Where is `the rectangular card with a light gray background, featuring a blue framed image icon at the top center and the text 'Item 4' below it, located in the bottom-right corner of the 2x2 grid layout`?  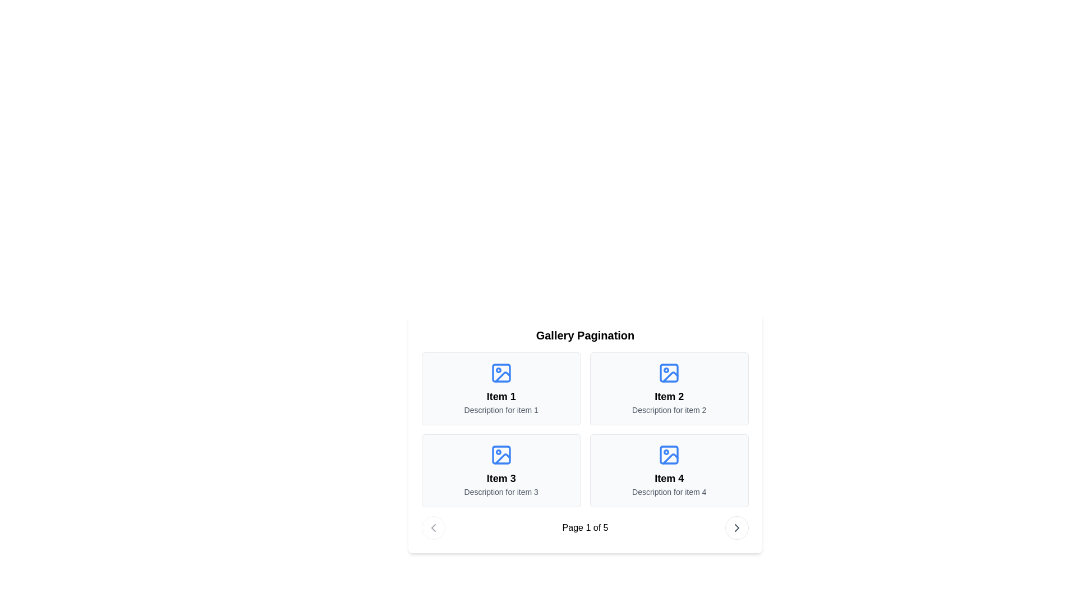
the rectangular card with a light gray background, featuring a blue framed image icon at the top center and the text 'Item 4' below it, located in the bottom-right corner of the 2x2 grid layout is located at coordinates (669, 471).